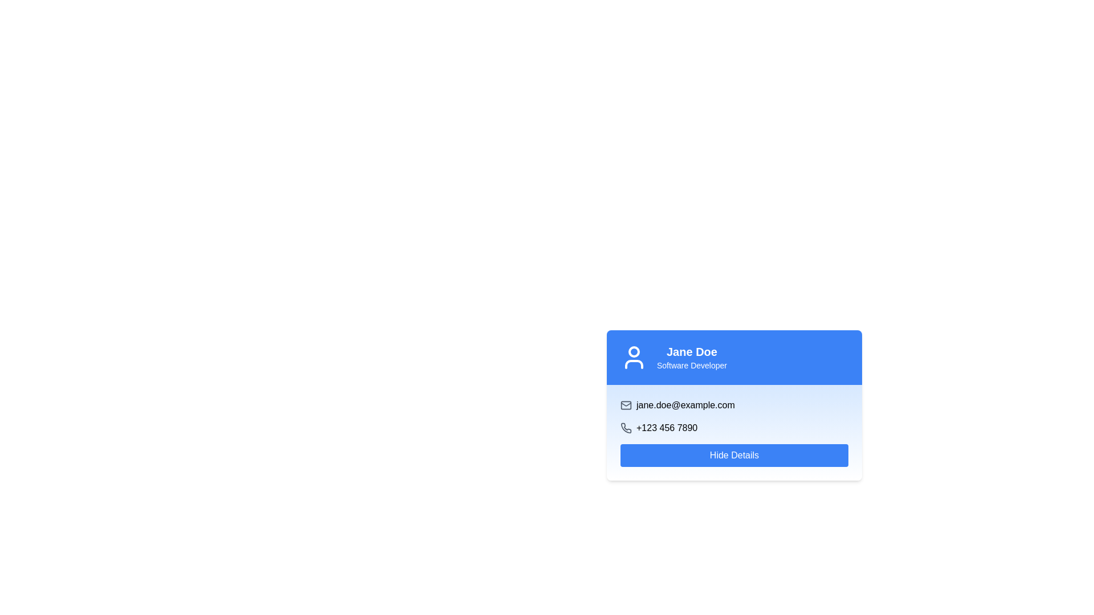  I want to click on text display showing 'Software Developer' located below the name 'Jane Doe' in the blue header section of the information card, so click(691, 365).